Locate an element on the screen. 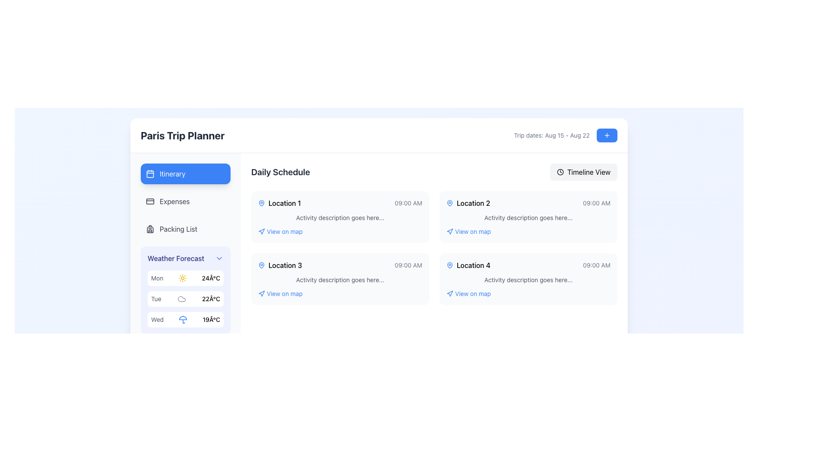 This screenshot has width=829, height=466. the text element stating 'Activity description goes here...' located beneath the title 'Location 1' and the time '09:00 AM' in the Daily Schedule area is located at coordinates (339, 217).